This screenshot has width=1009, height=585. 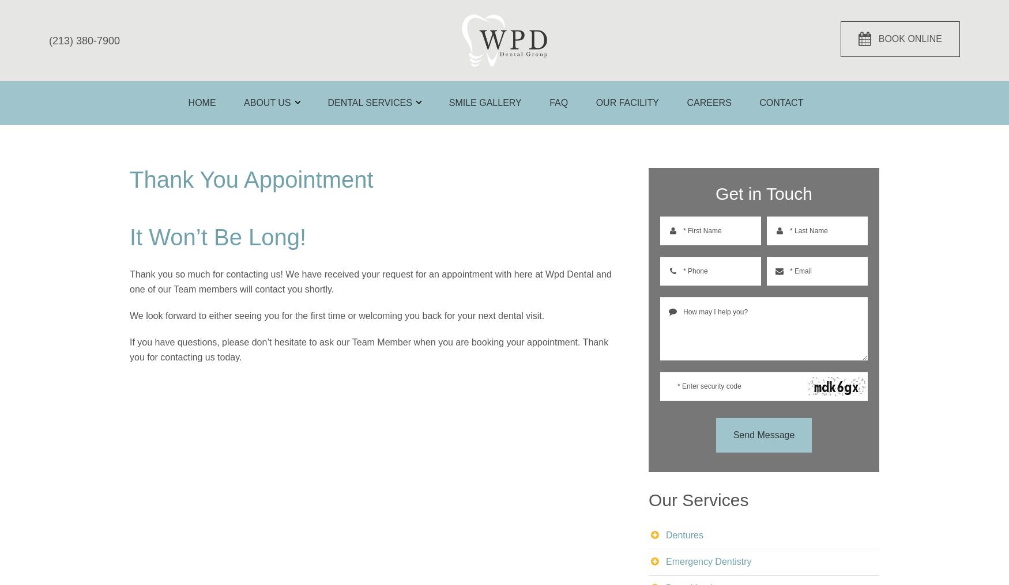 I want to click on 'Smile Gallery', so click(x=485, y=101).